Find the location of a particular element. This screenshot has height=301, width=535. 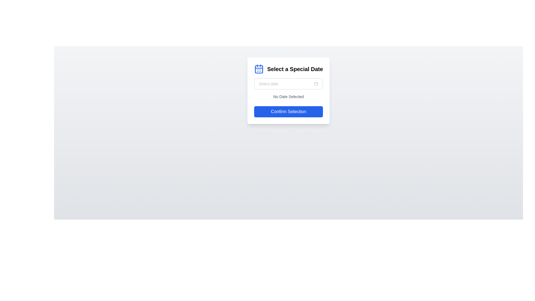

the 'Confirm Selection' button located at the bottom of the card-like panel is located at coordinates (288, 112).